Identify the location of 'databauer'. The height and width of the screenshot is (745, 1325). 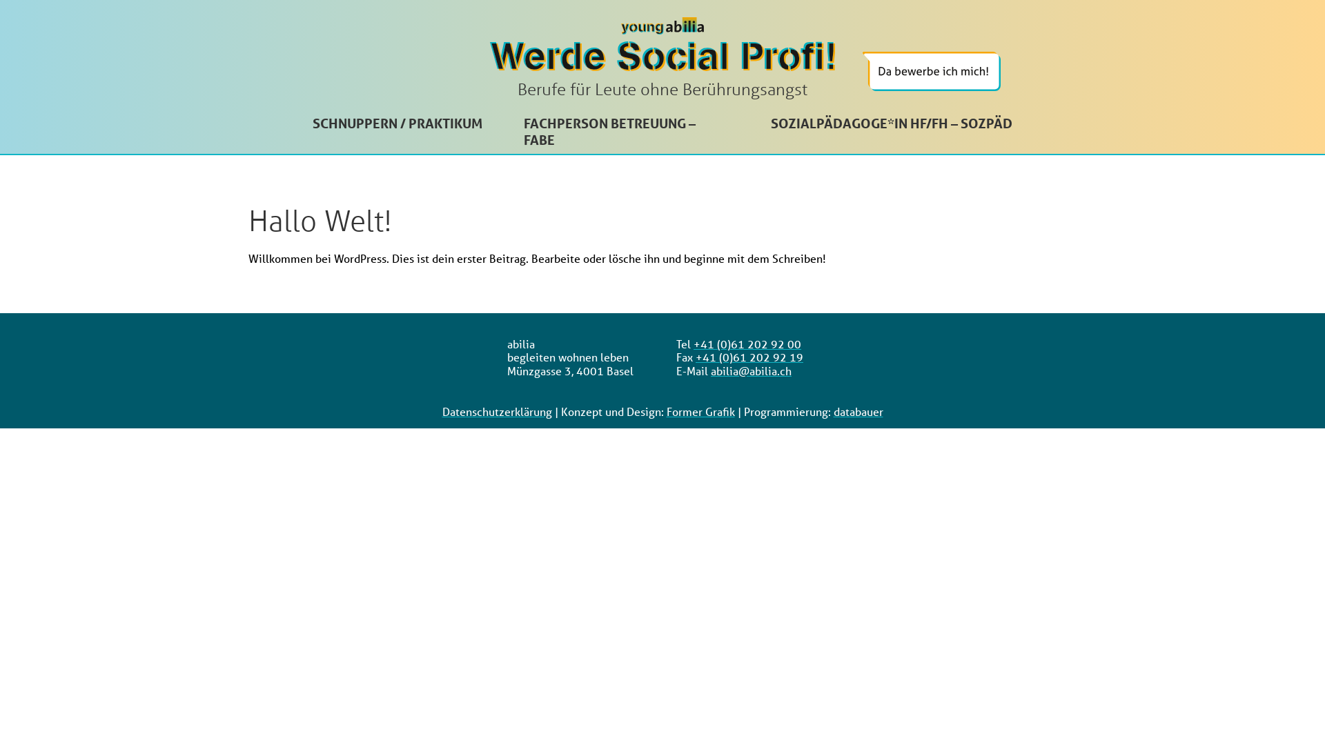
(857, 410).